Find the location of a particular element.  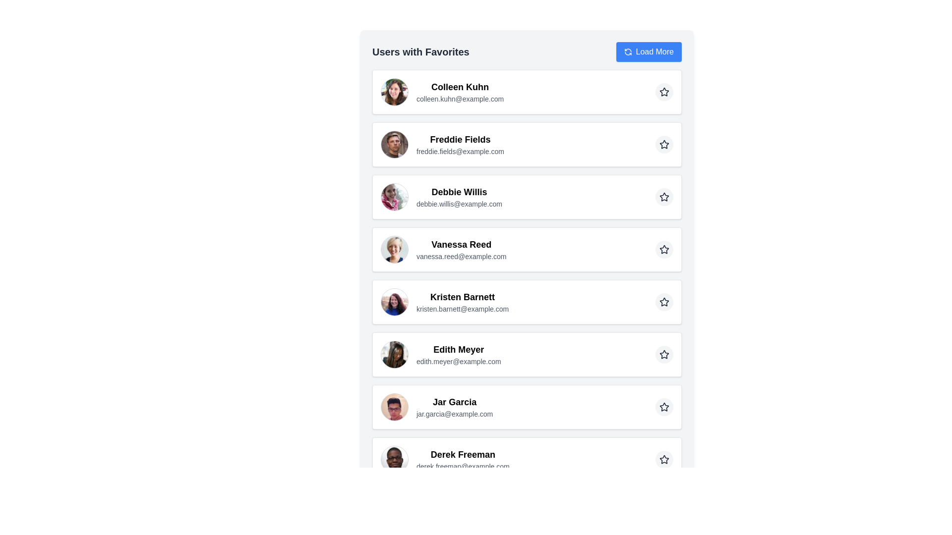

the text display area showing 'Colleen Kuhn' and 'colleen.kuhn@example.com' is located at coordinates (459, 92).